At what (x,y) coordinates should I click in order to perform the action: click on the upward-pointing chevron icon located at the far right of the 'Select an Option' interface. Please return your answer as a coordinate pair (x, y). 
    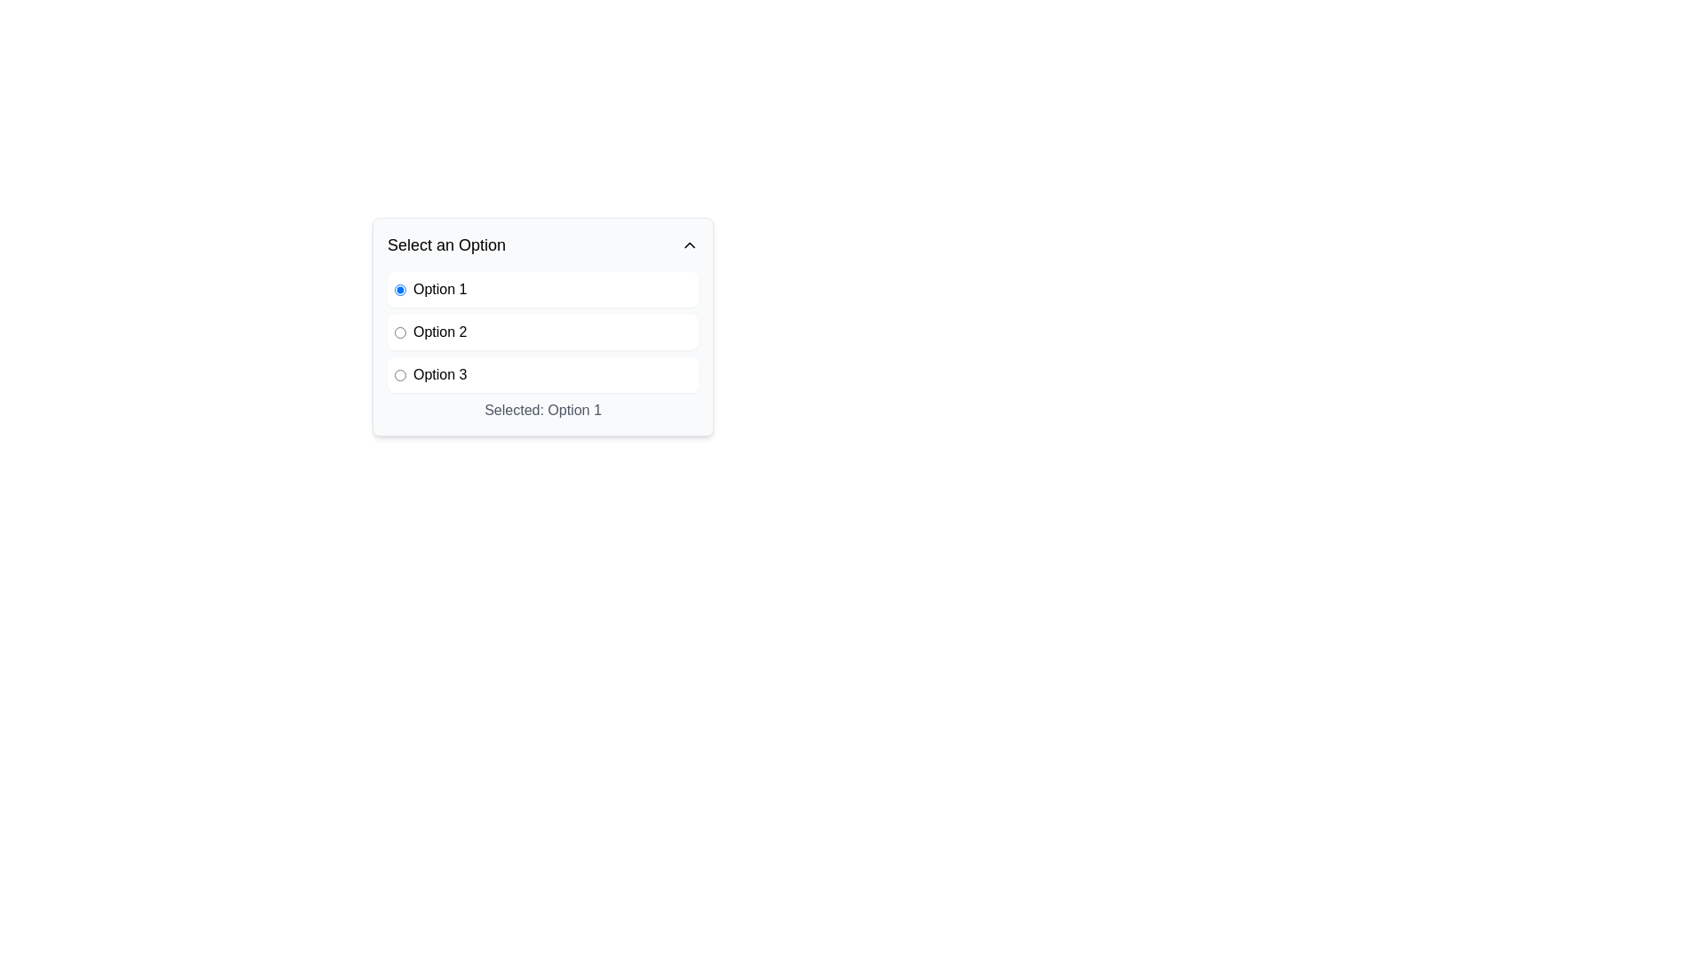
    Looking at the image, I should click on (689, 245).